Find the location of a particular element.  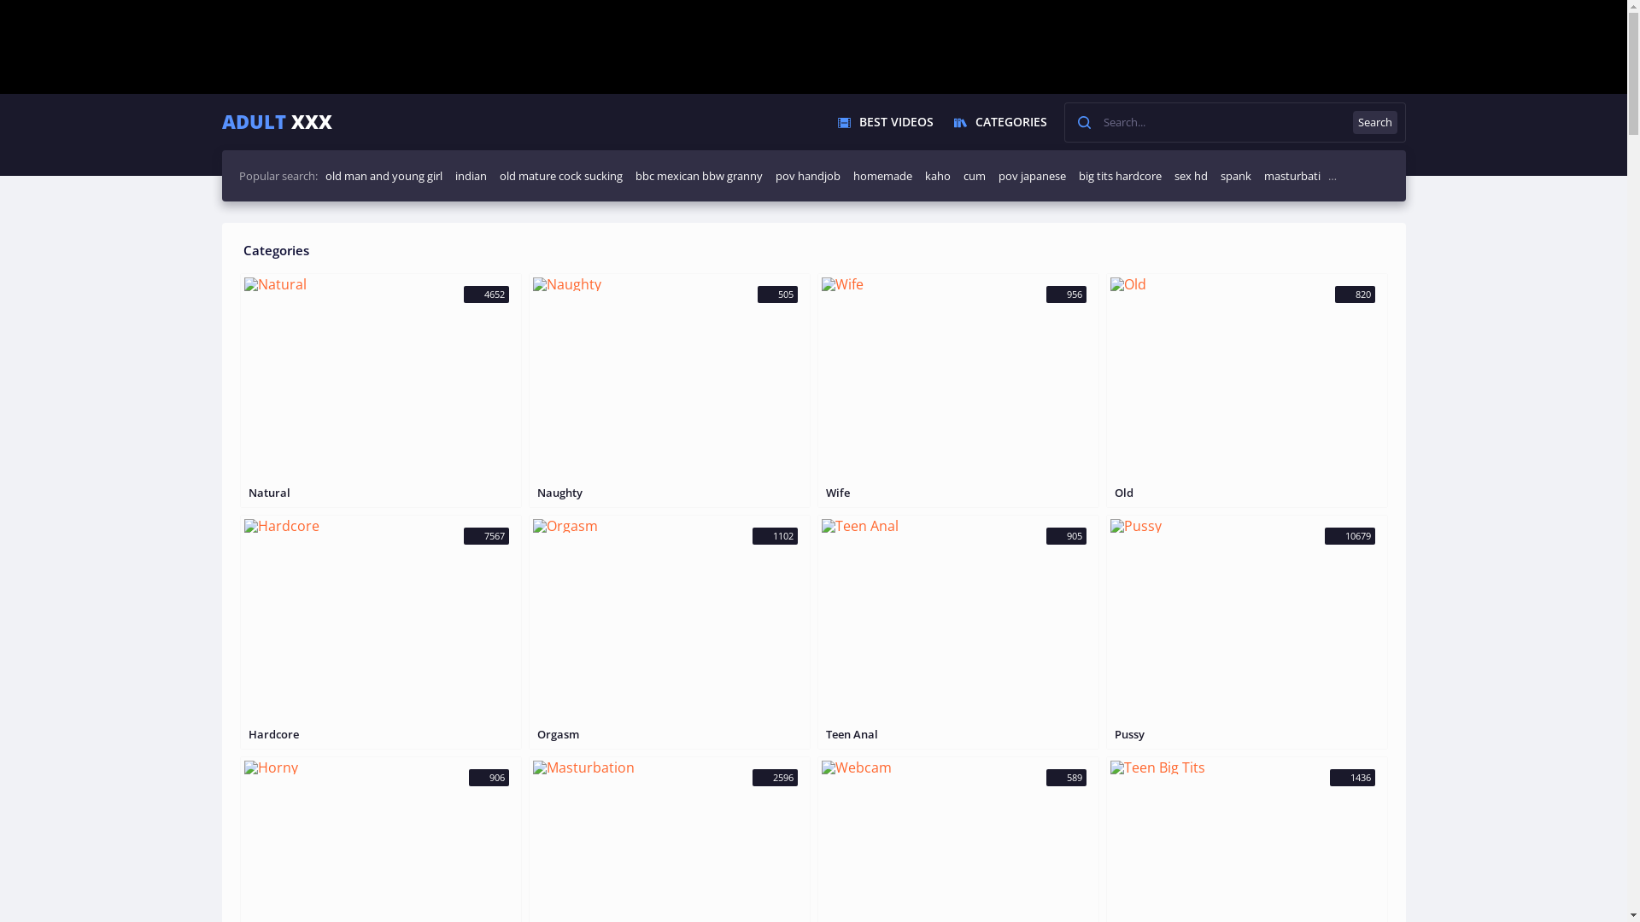

'pov japanese' is located at coordinates (1030, 175).